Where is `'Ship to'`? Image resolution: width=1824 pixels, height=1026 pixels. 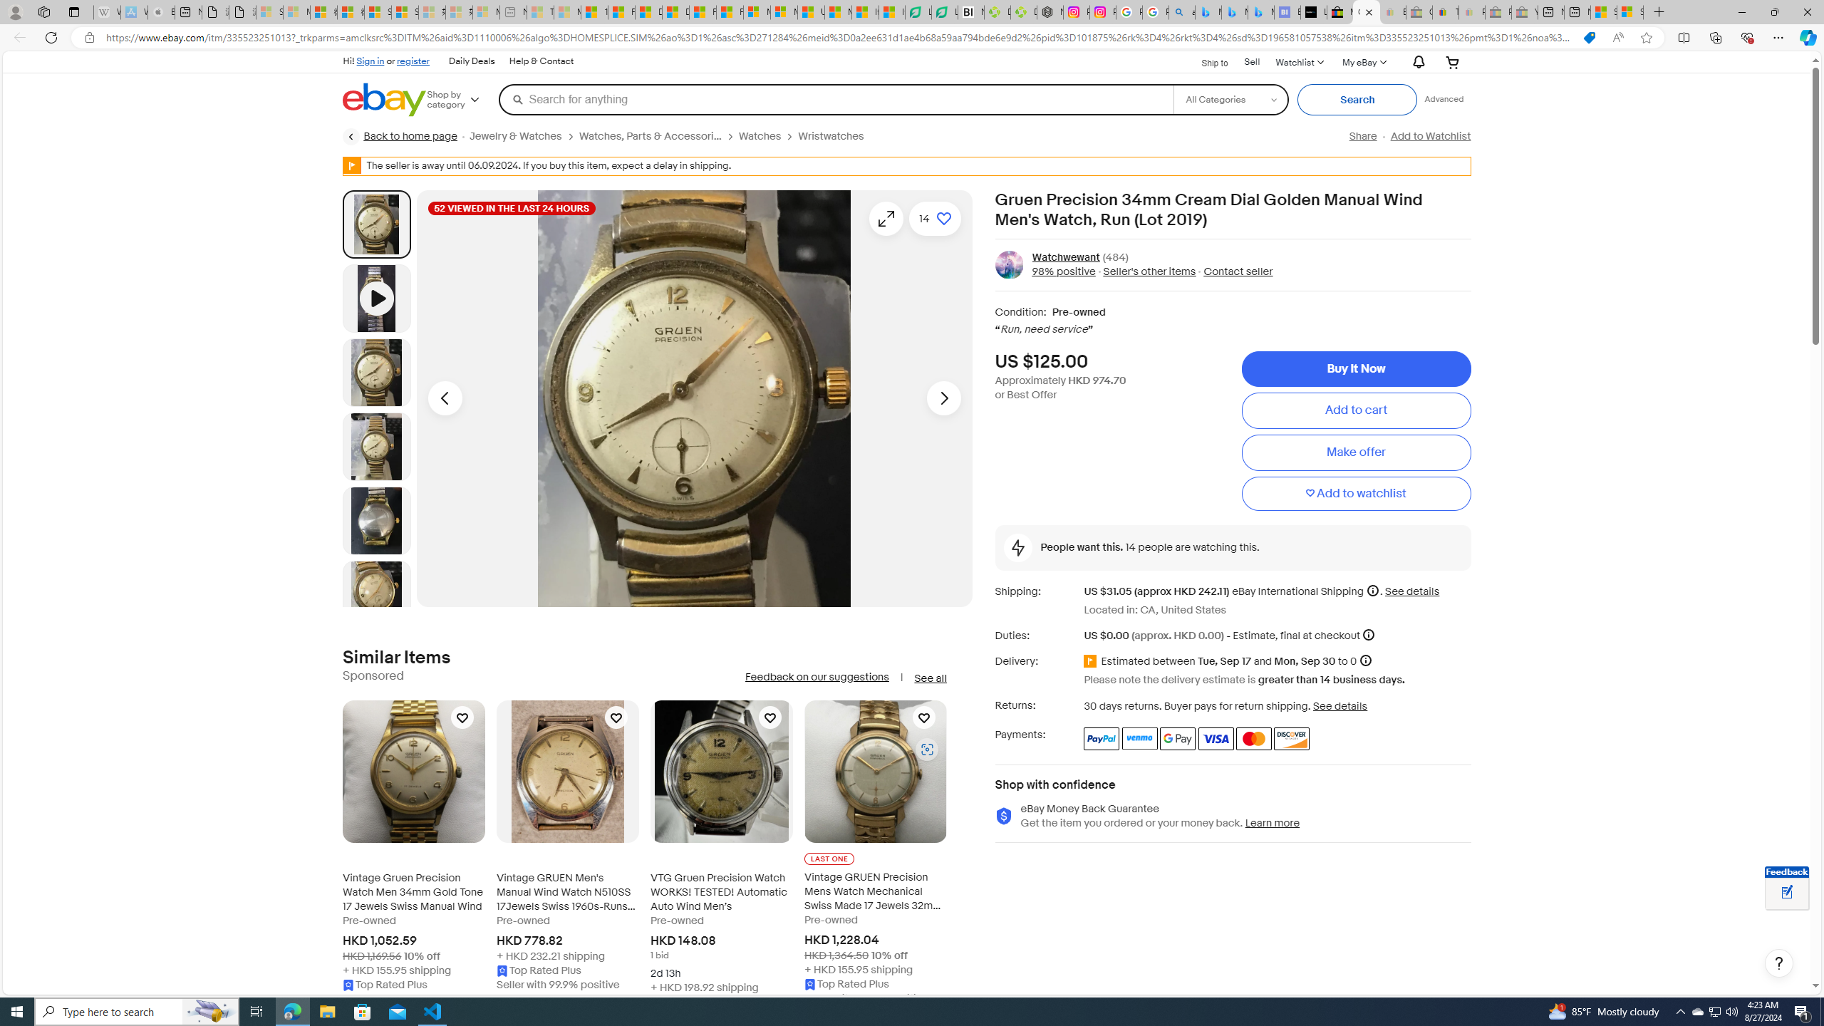
'Ship to' is located at coordinates (1205, 63).